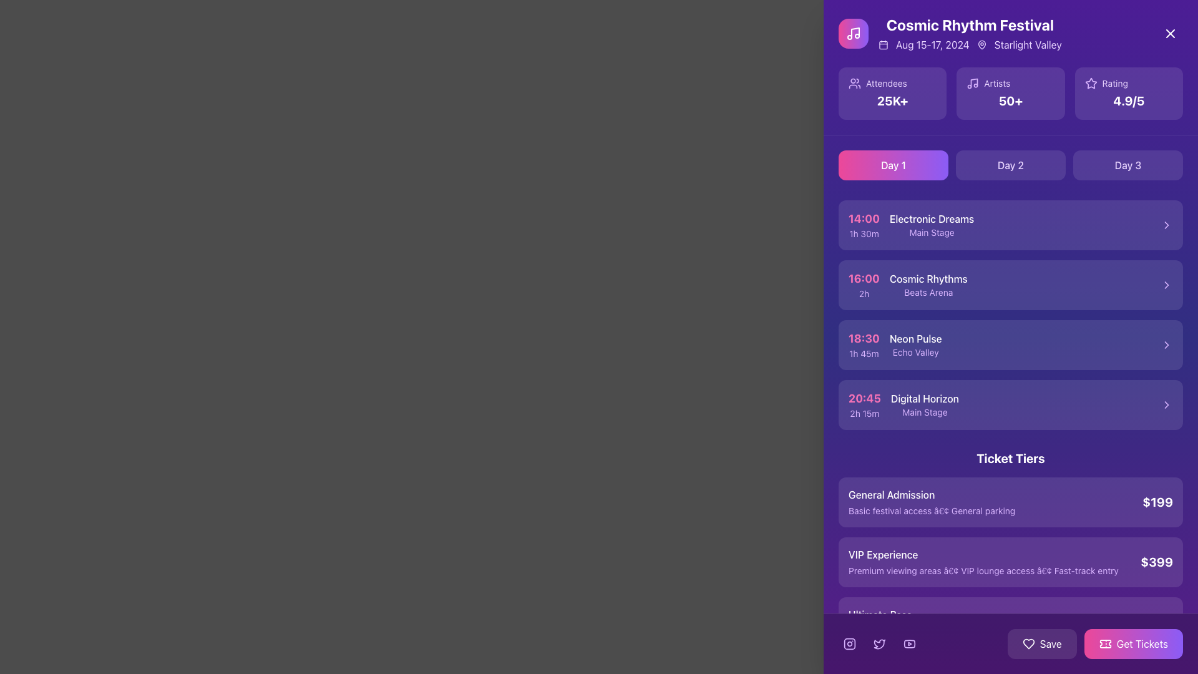 The height and width of the screenshot is (674, 1198). Describe the element at coordinates (1011, 562) in the screenshot. I see `the 'VIP Experience' ticket tier list item` at that location.